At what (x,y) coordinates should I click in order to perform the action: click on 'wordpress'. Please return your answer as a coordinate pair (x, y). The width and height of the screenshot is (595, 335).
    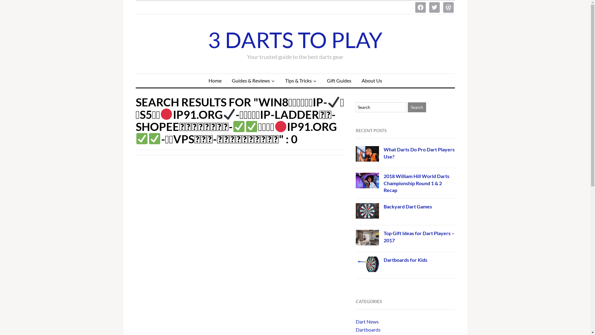
    Looking at the image, I should click on (448, 7).